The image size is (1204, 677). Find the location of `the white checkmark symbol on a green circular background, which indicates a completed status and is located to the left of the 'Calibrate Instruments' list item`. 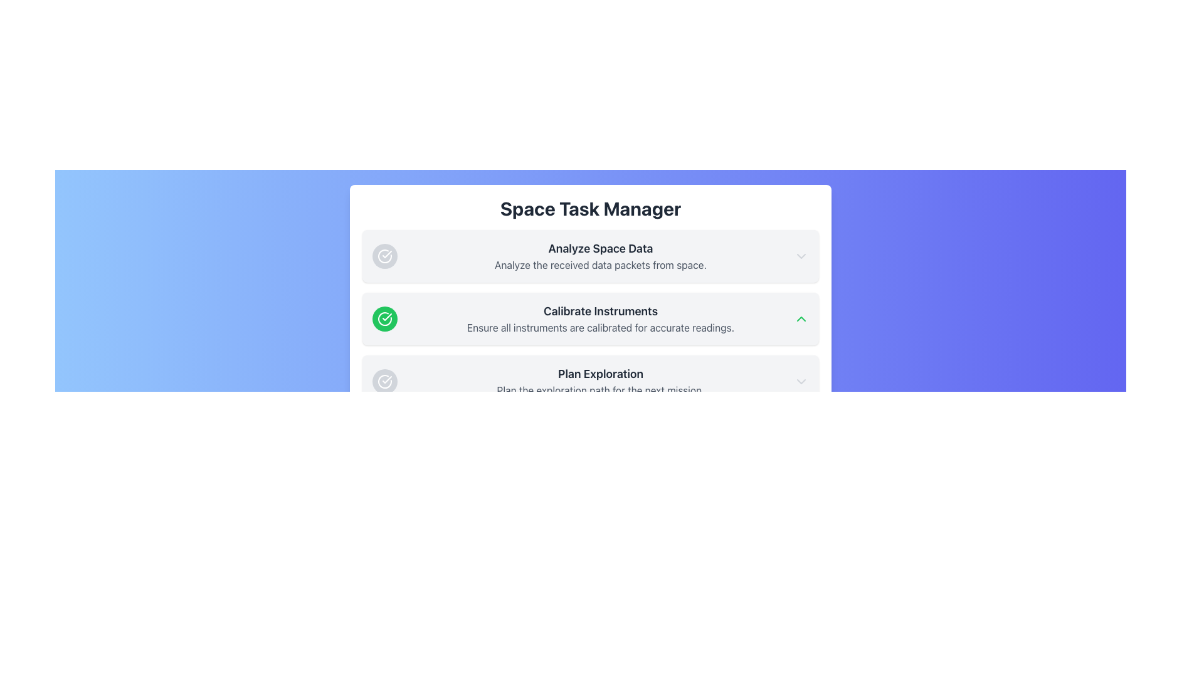

the white checkmark symbol on a green circular background, which indicates a completed status and is located to the left of the 'Calibrate Instruments' list item is located at coordinates (386, 316).